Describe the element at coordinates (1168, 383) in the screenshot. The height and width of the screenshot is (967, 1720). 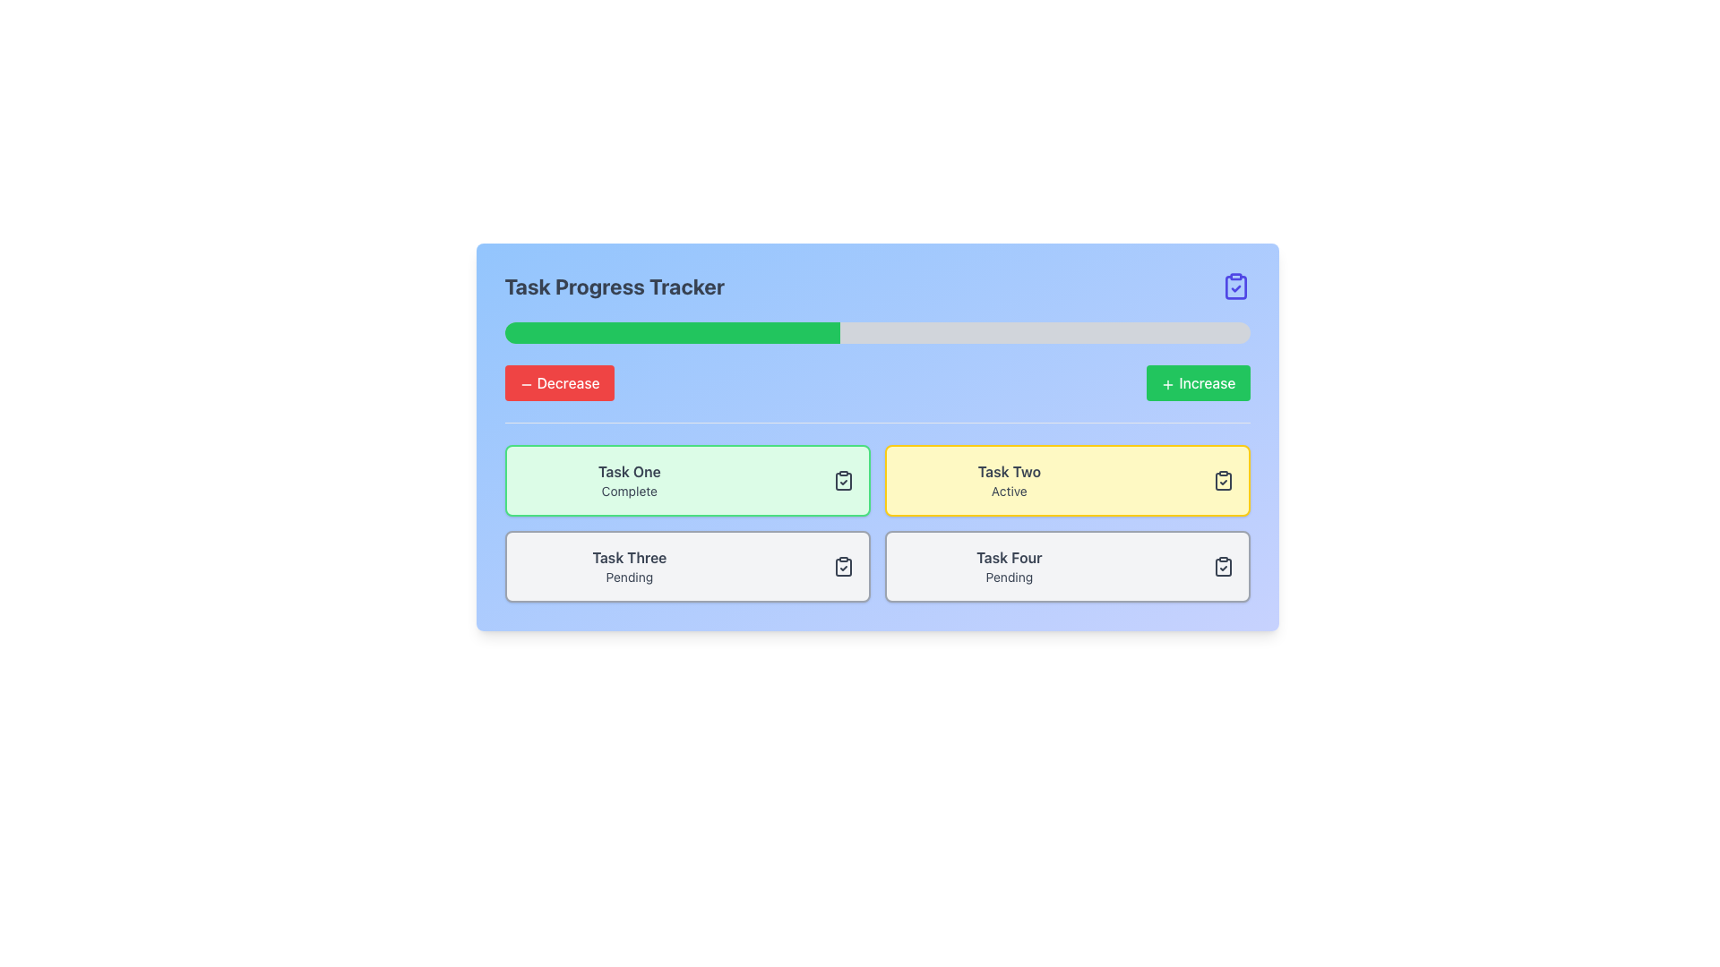
I see `the plus (+) icon within the 'Increase' button, which is located in the upper right section of the interface and has a green background` at that location.